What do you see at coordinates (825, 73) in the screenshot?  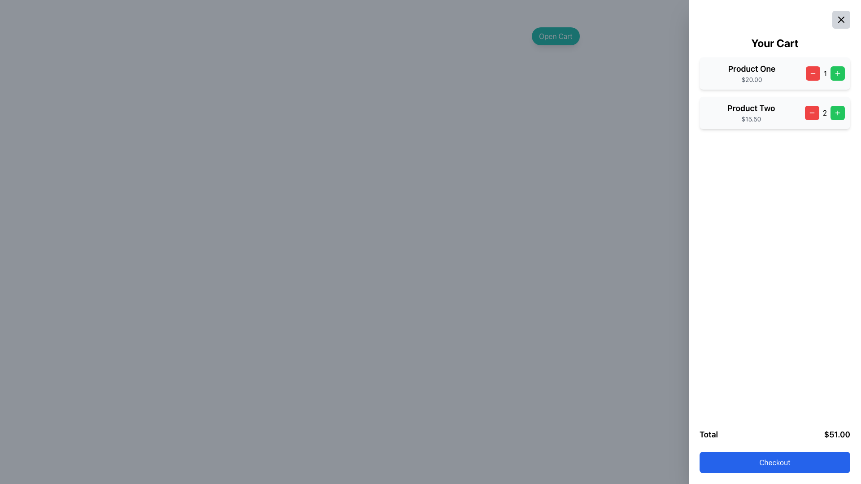 I see `the digit '1' displayed in bold font and black color, located between a red minus button and a green plus button in the cart interface` at bounding box center [825, 73].